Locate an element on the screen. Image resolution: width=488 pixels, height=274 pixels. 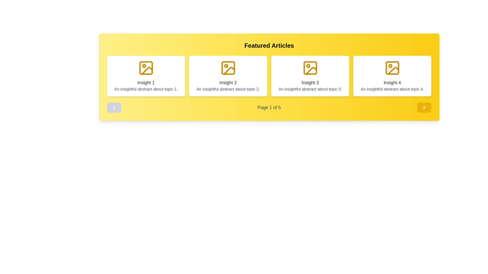
the prominent heading element with the text 'Featured Articles', which is bold, large, and centrally aligned on a yellow gradient background is located at coordinates (269, 46).